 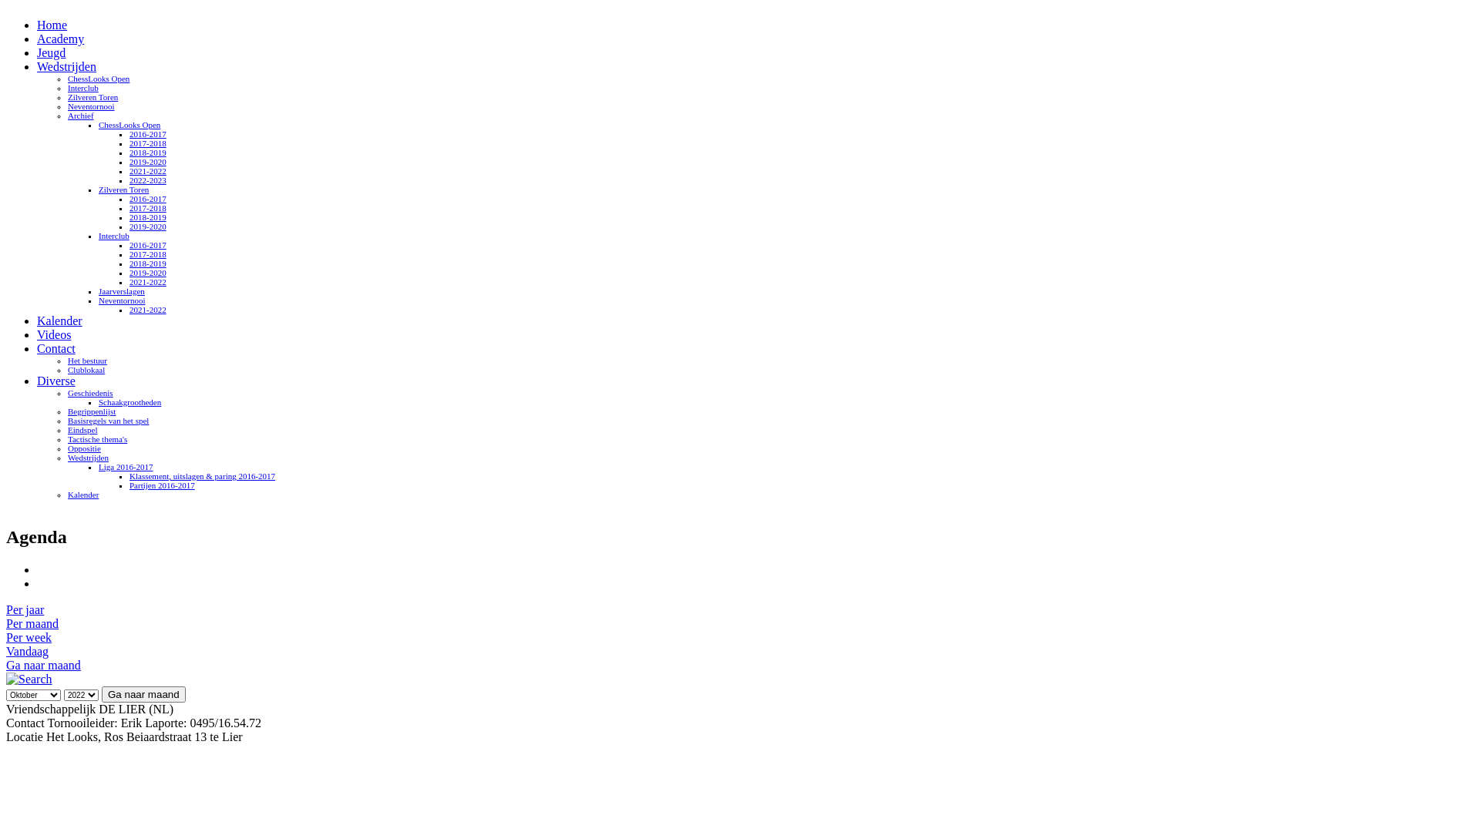 What do you see at coordinates (162, 484) in the screenshot?
I see `'Partijen 2016-2017'` at bounding box center [162, 484].